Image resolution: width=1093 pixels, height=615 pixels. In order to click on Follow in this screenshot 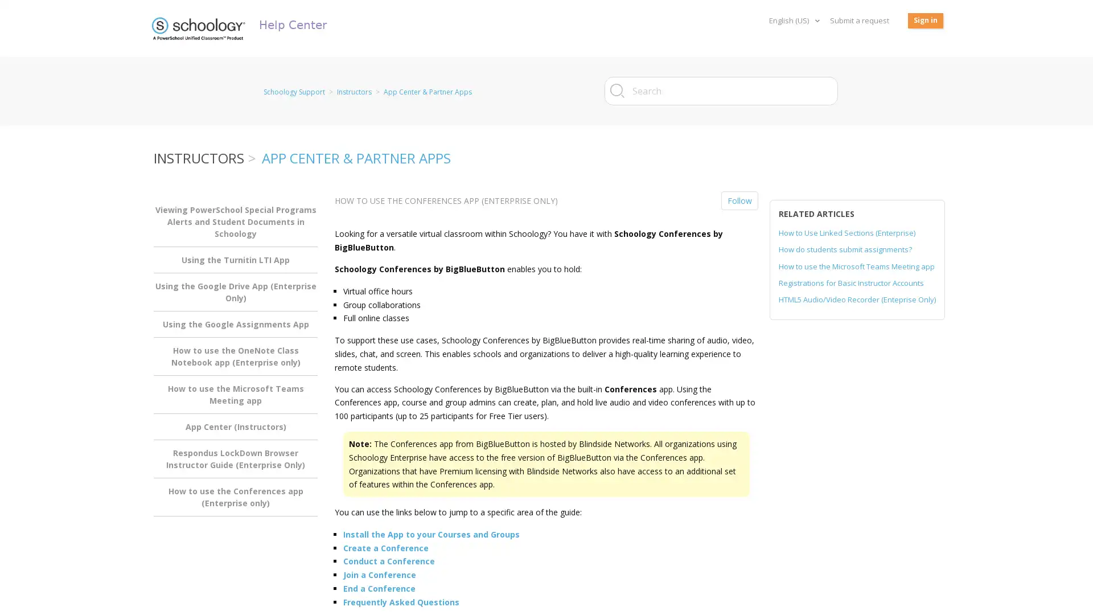, I will do `click(739, 200)`.